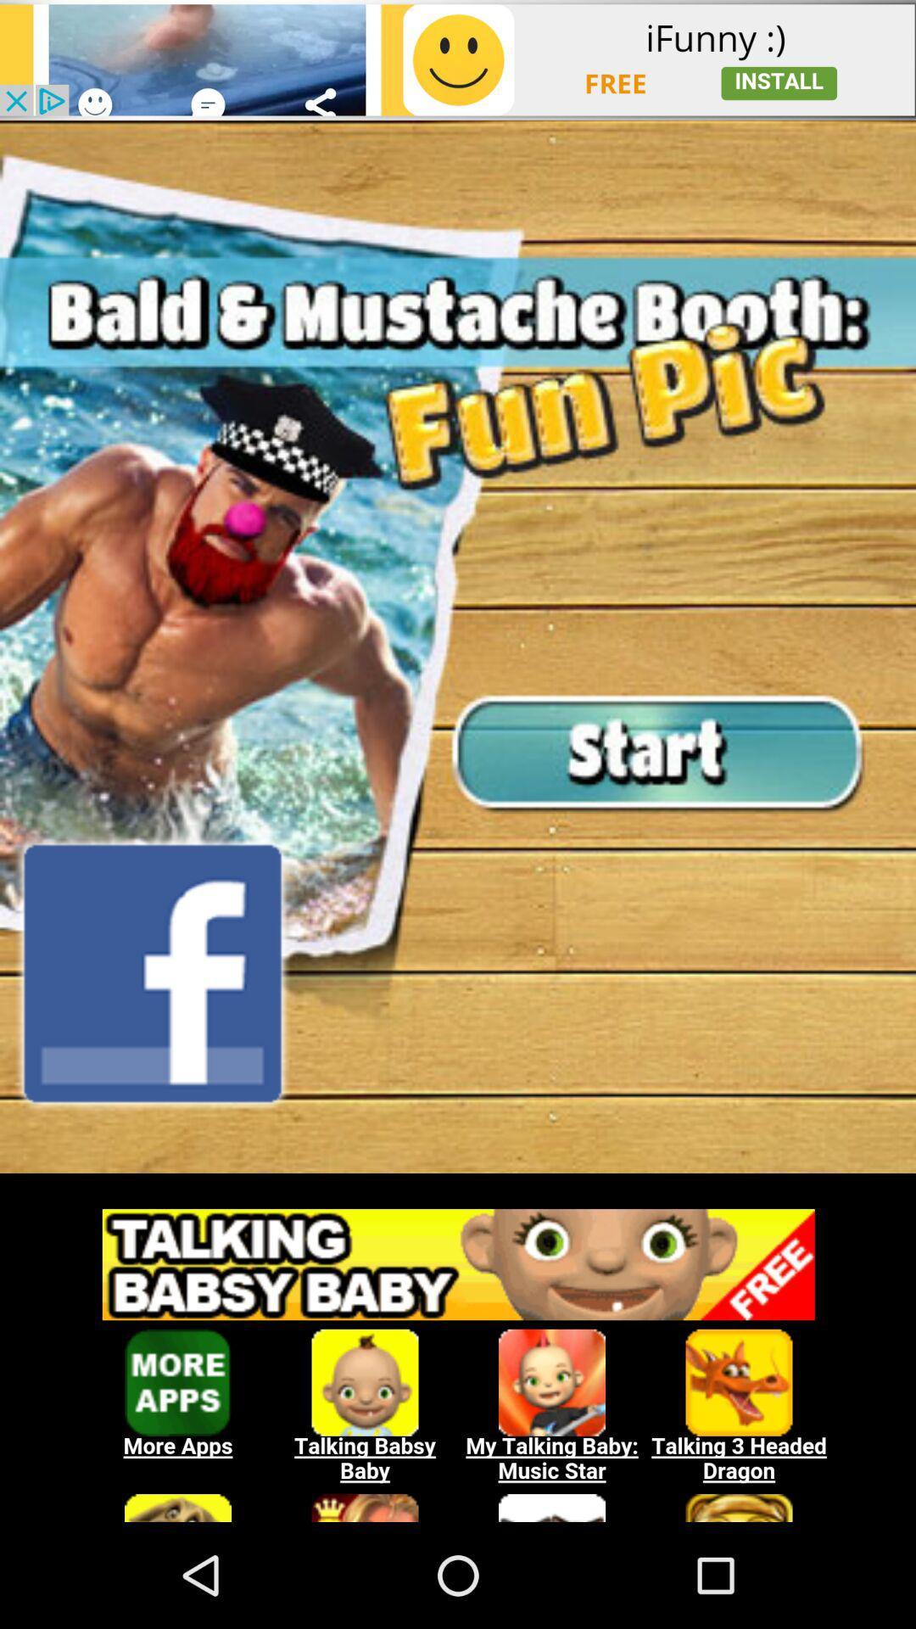 The width and height of the screenshot is (916, 1629). What do you see at coordinates (458, 1181) in the screenshot?
I see `download free game` at bounding box center [458, 1181].